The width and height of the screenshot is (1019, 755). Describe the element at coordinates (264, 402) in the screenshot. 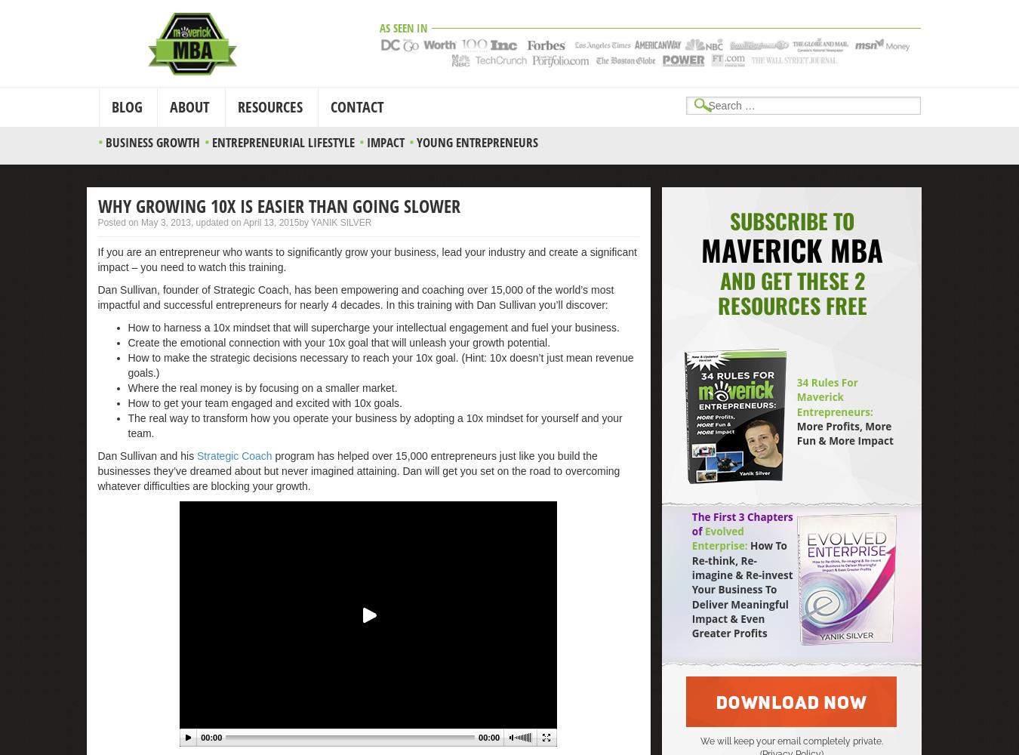

I see `'How to get your team engaged and excited with 10x goals.'` at that location.